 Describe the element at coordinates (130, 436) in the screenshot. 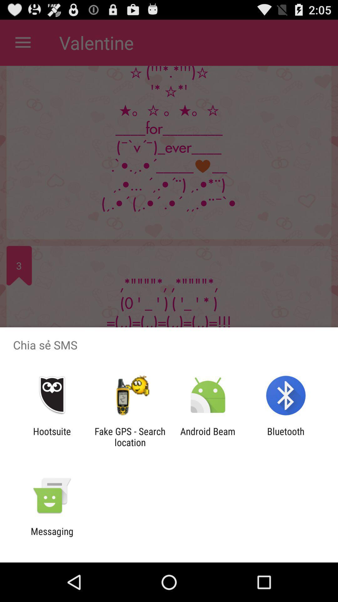

I see `the app next to android beam` at that location.